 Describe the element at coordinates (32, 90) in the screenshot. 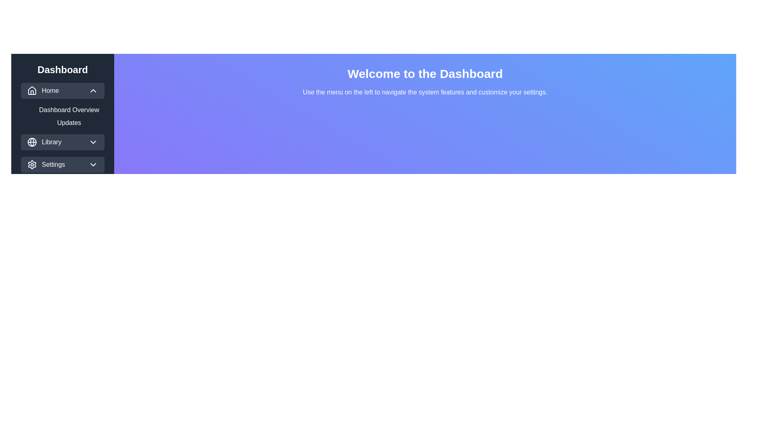

I see `the house-shaped icon visually located at the top of the menu section, aligned to the left of the 'Home' button text` at that location.